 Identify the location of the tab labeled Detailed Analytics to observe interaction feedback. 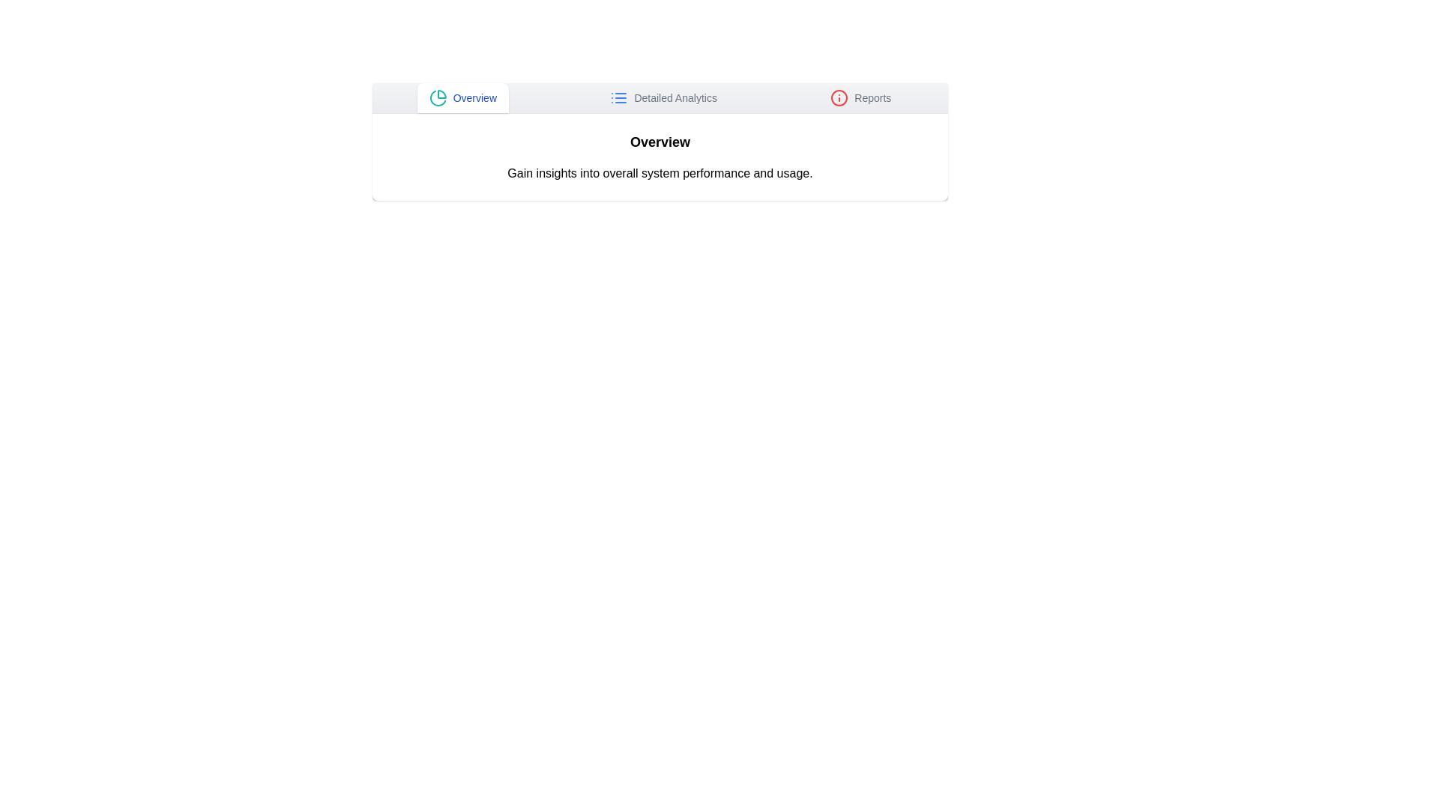
(663, 98).